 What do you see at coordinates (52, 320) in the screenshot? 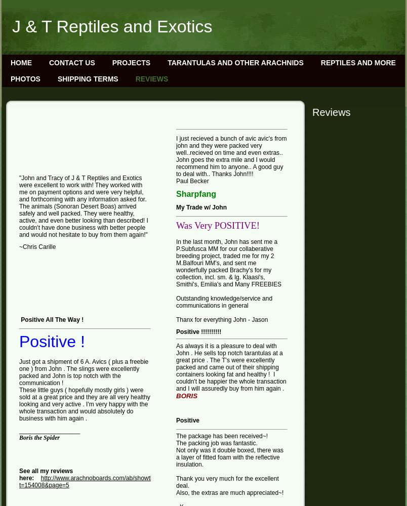
I see `'Positive All The Way !'` at bounding box center [52, 320].